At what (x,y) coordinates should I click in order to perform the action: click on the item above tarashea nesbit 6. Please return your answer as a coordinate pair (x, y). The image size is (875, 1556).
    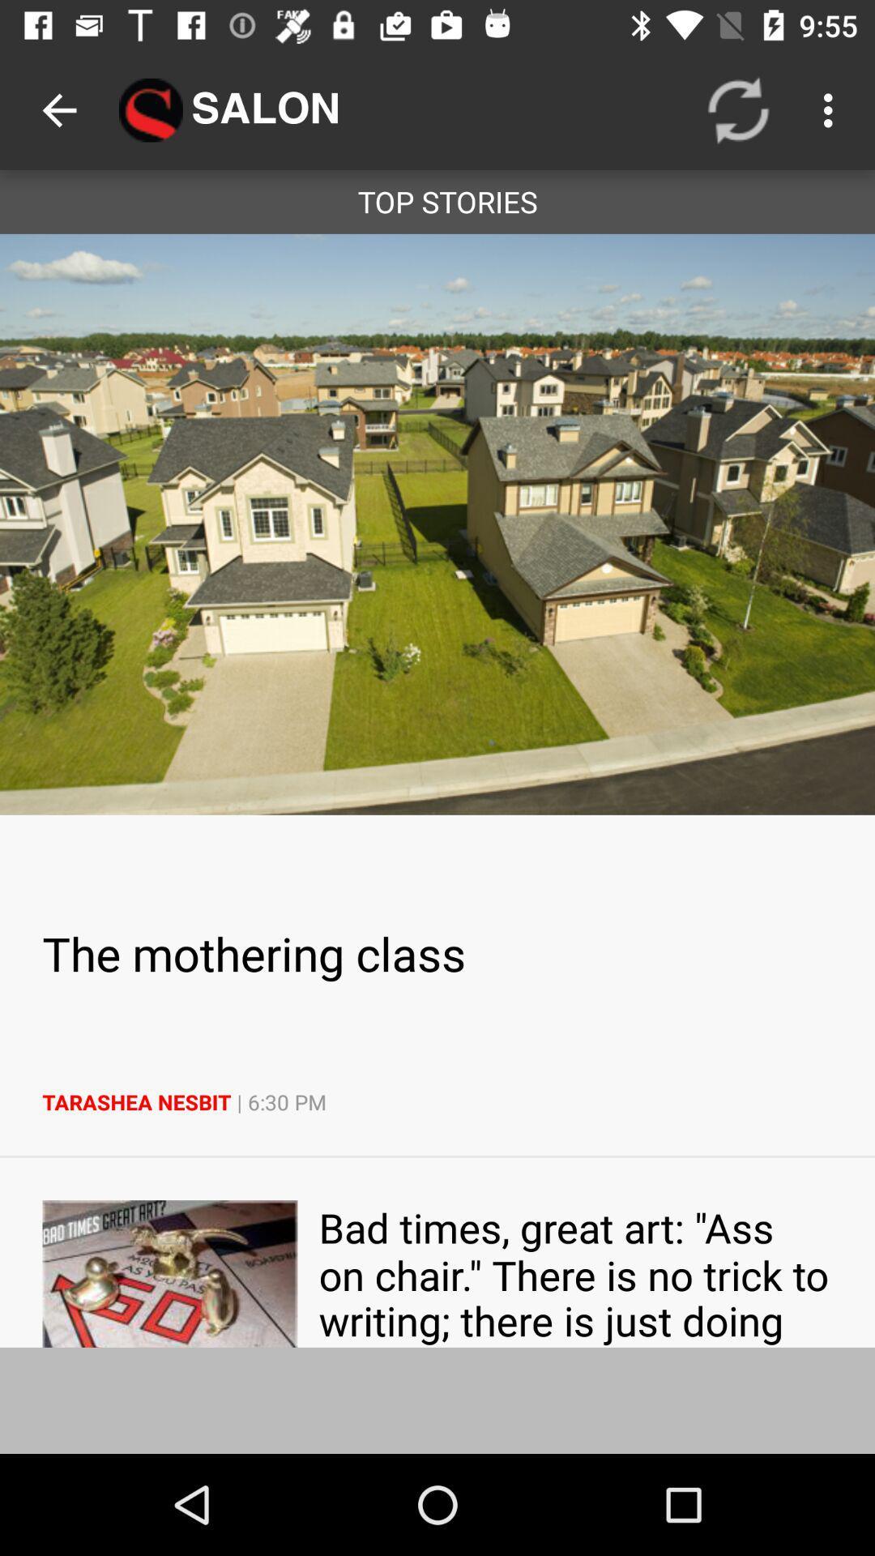
    Looking at the image, I should click on (437, 953).